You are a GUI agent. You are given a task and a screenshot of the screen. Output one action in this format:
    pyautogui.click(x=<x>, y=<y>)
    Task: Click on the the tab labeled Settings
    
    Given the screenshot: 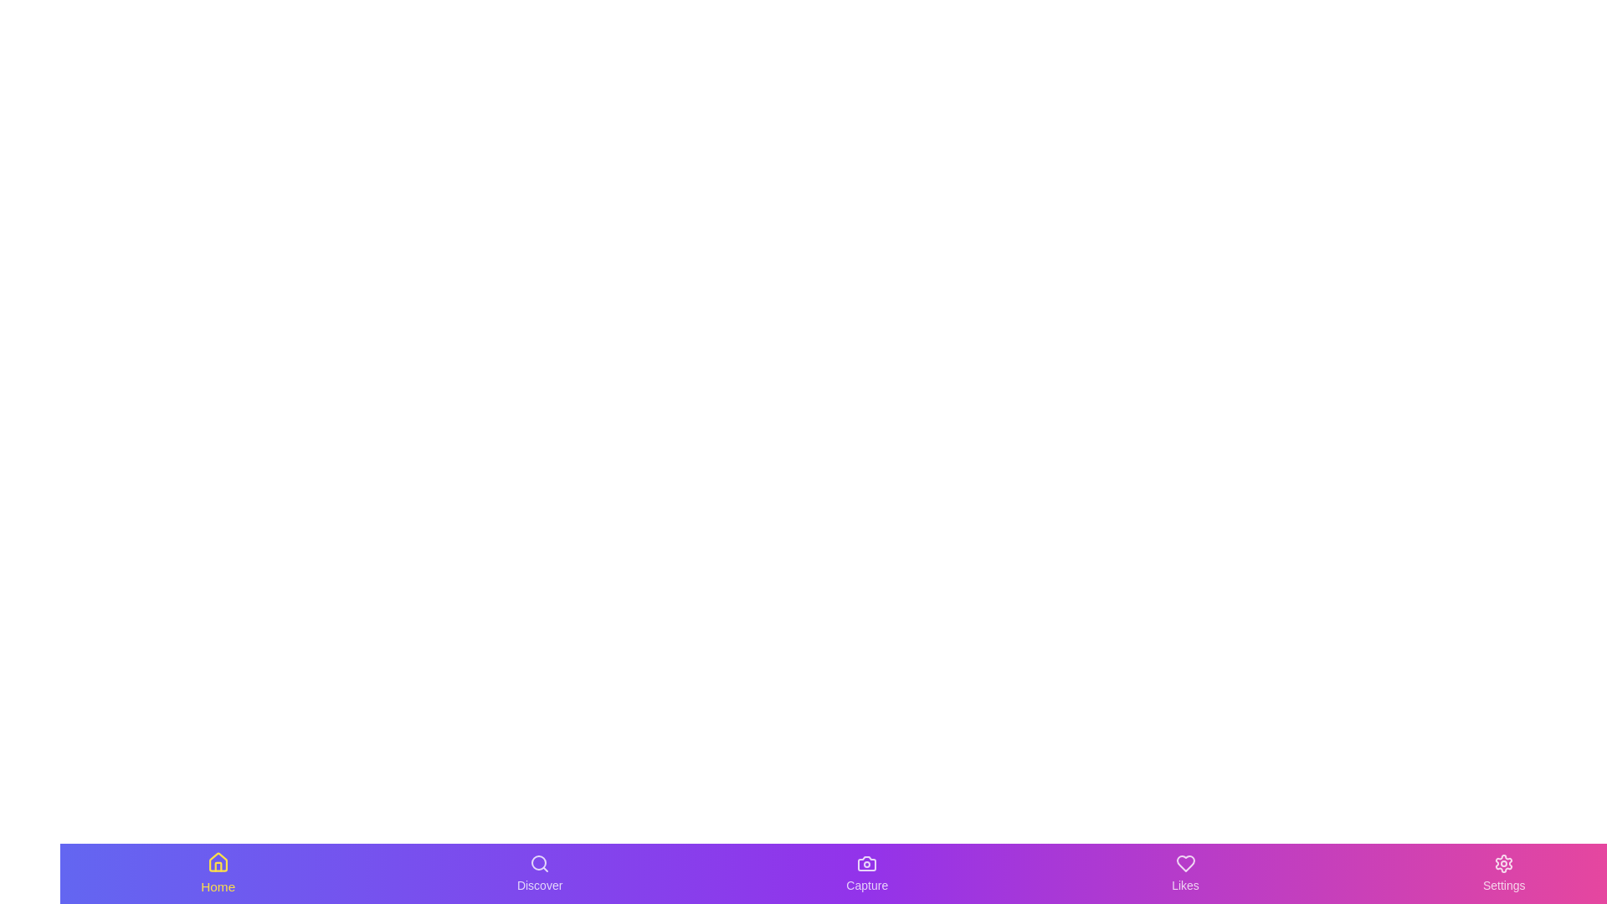 What is the action you would take?
    pyautogui.click(x=1503, y=873)
    